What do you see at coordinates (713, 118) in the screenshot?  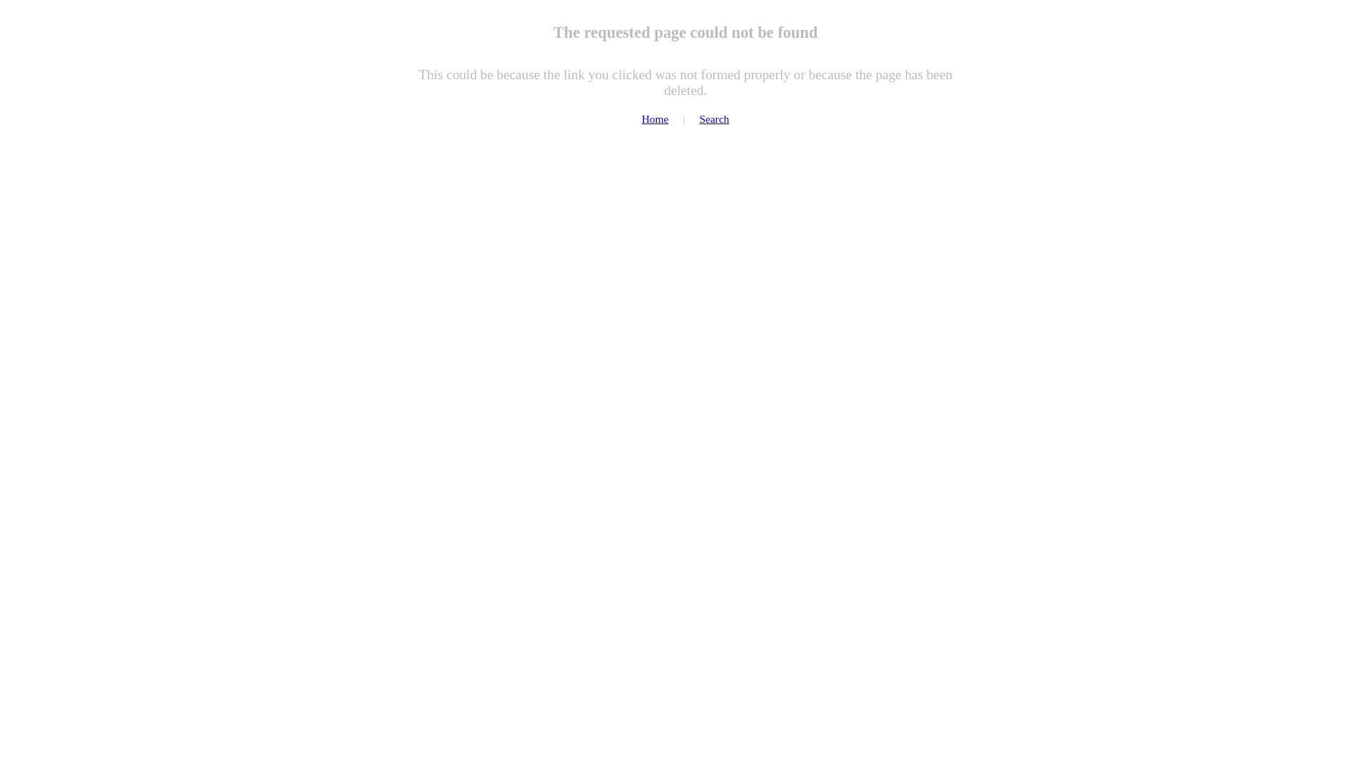 I see `'Search'` at bounding box center [713, 118].